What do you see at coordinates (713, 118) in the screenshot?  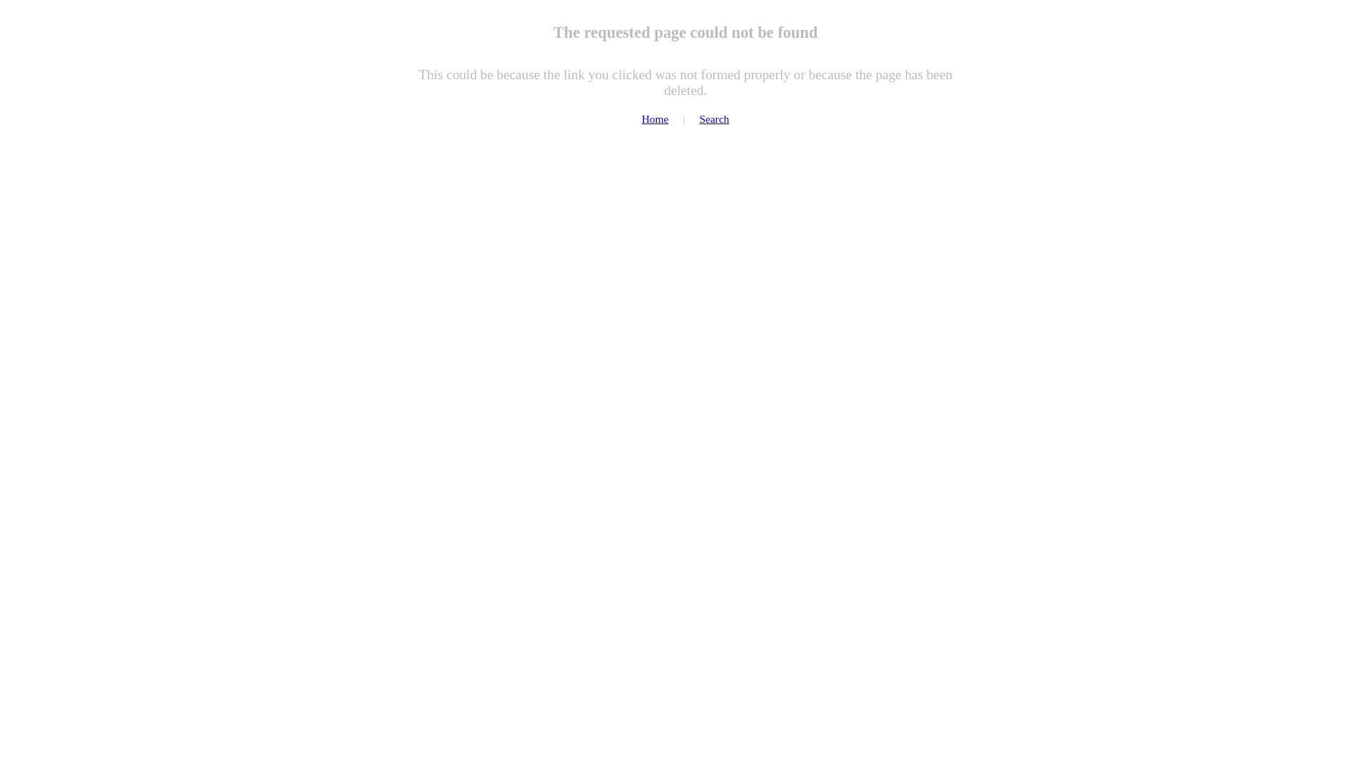 I see `'Search'` at bounding box center [713, 118].